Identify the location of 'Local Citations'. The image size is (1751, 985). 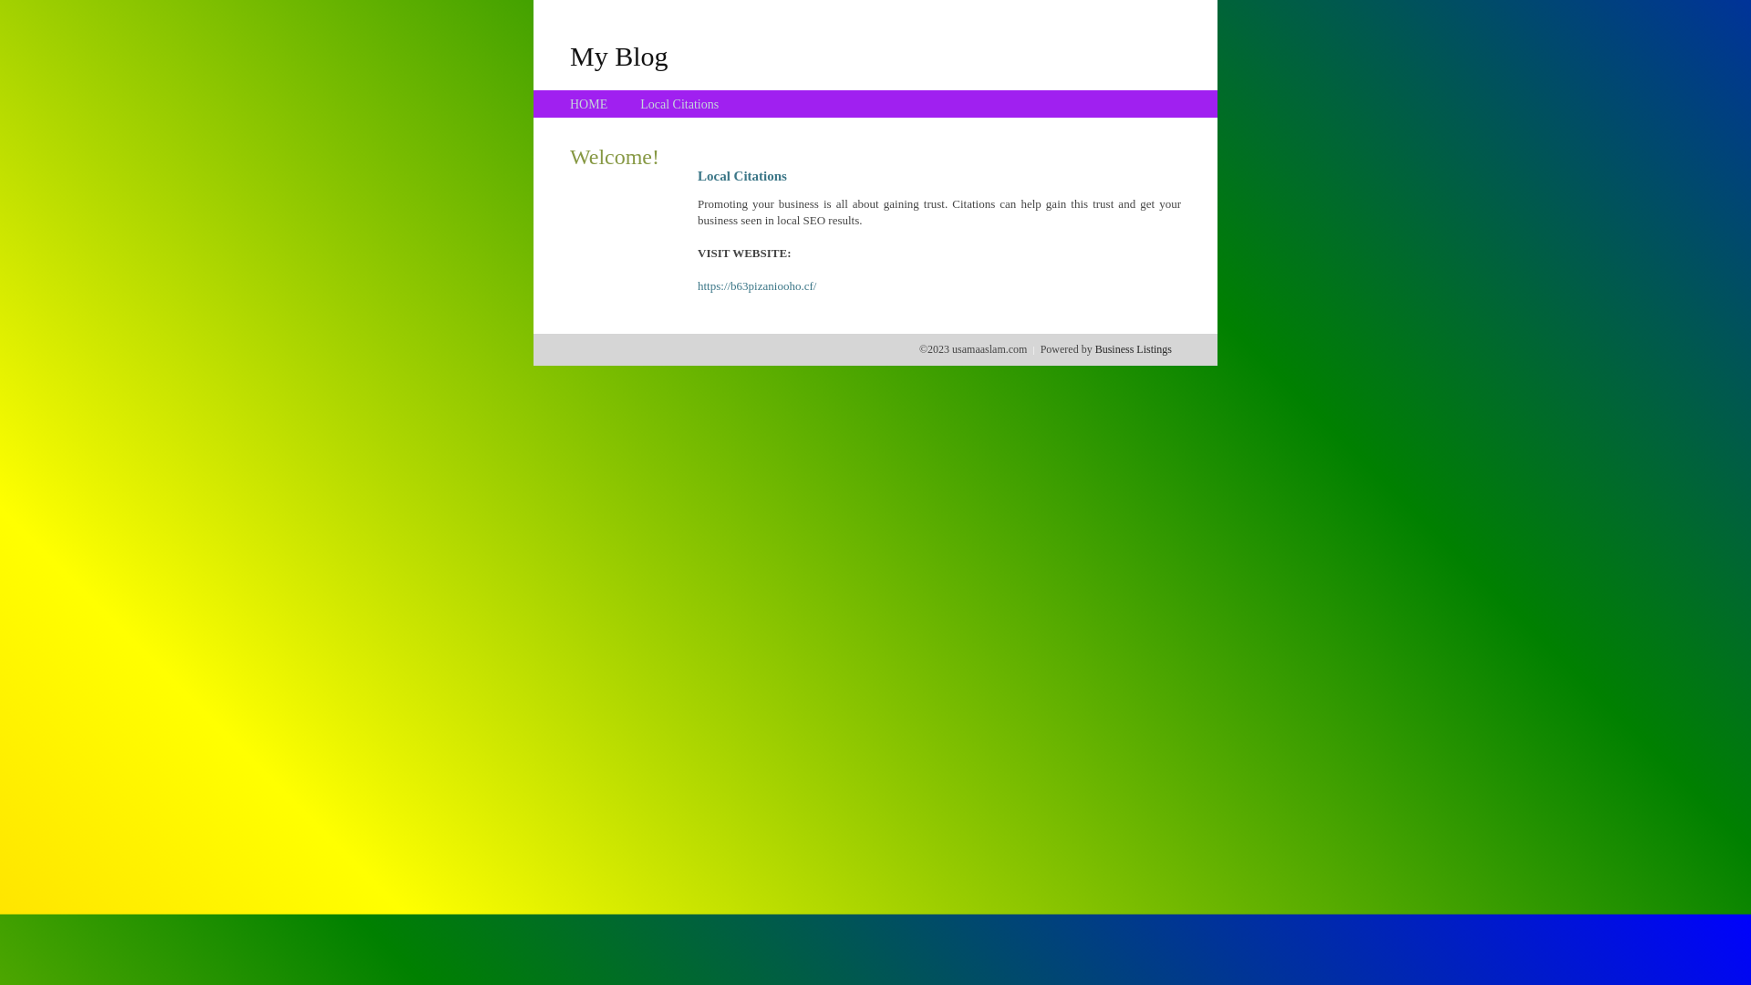
(639, 104).